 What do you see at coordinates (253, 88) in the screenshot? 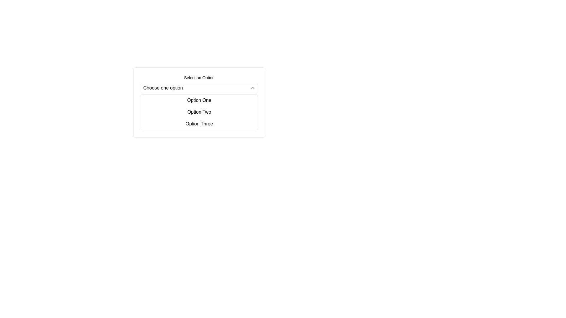
I see `the arrow icon that indicates the dropdown menu can be collapsed, located at the rightmost of the dropdown header box labeled 'Choose one option'` at bounding box center [253, 88].